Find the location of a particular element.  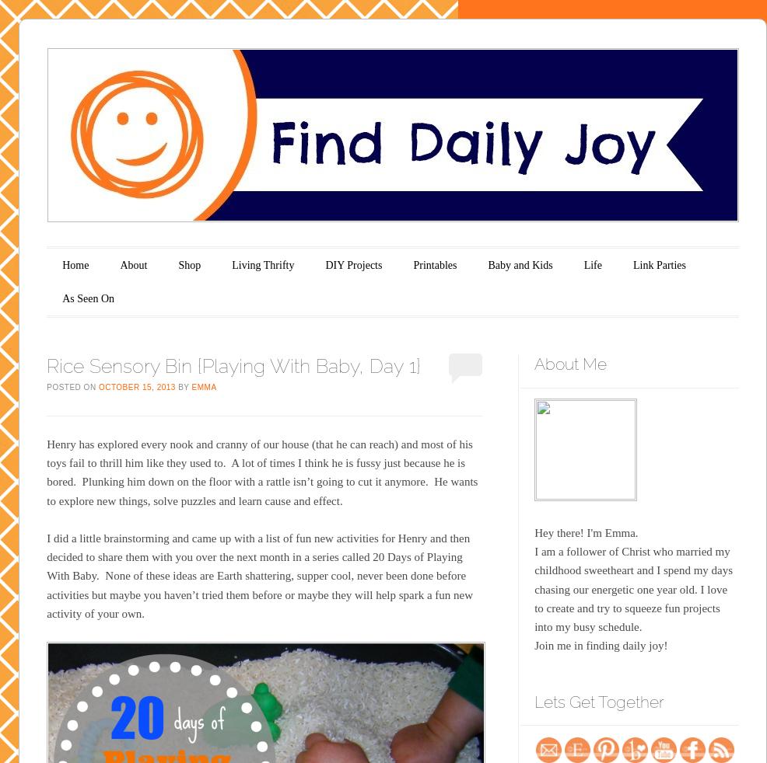

'Henry has explored every nook and cranny of our house (that he can reach) and most of his toys fail to thrill him like they used to.  A lot of times I think he is fussy just because he is bored.  Plunking him down on the floor with a rattle isn’t going to cut it anymore.  He wants to explore new things, solve puzzles and learn cause and effect.' is located at coordinates (261, 471).